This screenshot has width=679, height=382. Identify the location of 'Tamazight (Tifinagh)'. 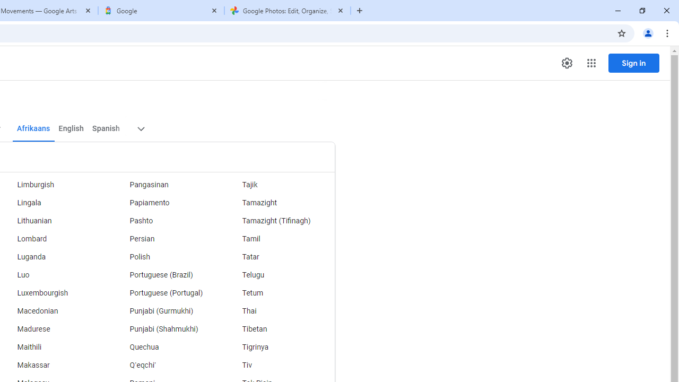
(278, 220).